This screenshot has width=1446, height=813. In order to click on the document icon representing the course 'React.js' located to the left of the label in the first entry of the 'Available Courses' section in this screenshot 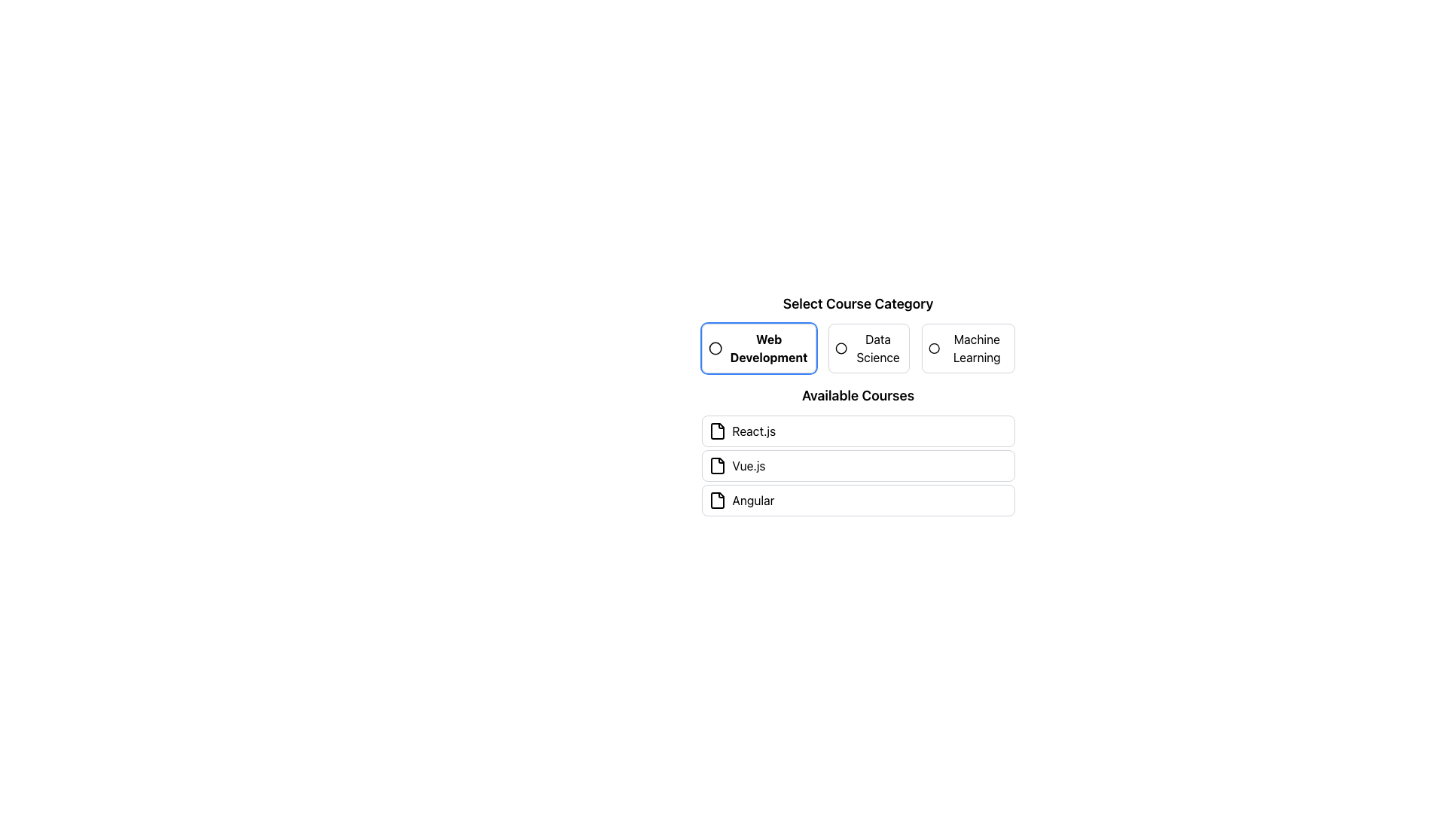, I will do `click(716, 431)`.